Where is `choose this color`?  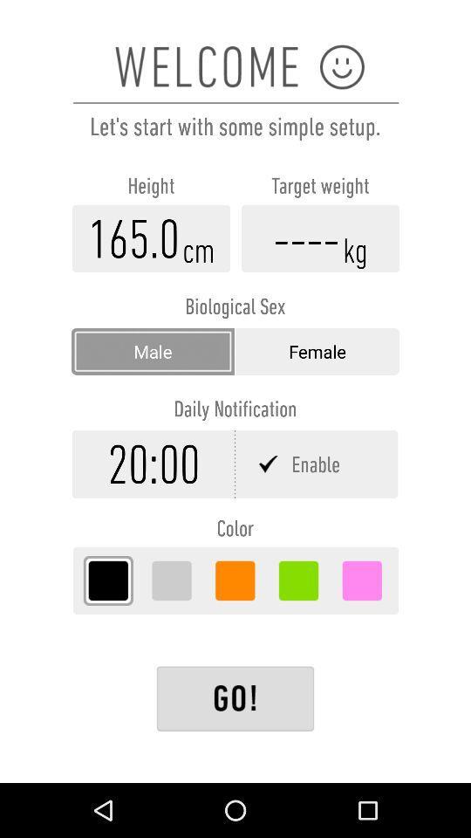 choose this color is located at coordinates (108, 580).